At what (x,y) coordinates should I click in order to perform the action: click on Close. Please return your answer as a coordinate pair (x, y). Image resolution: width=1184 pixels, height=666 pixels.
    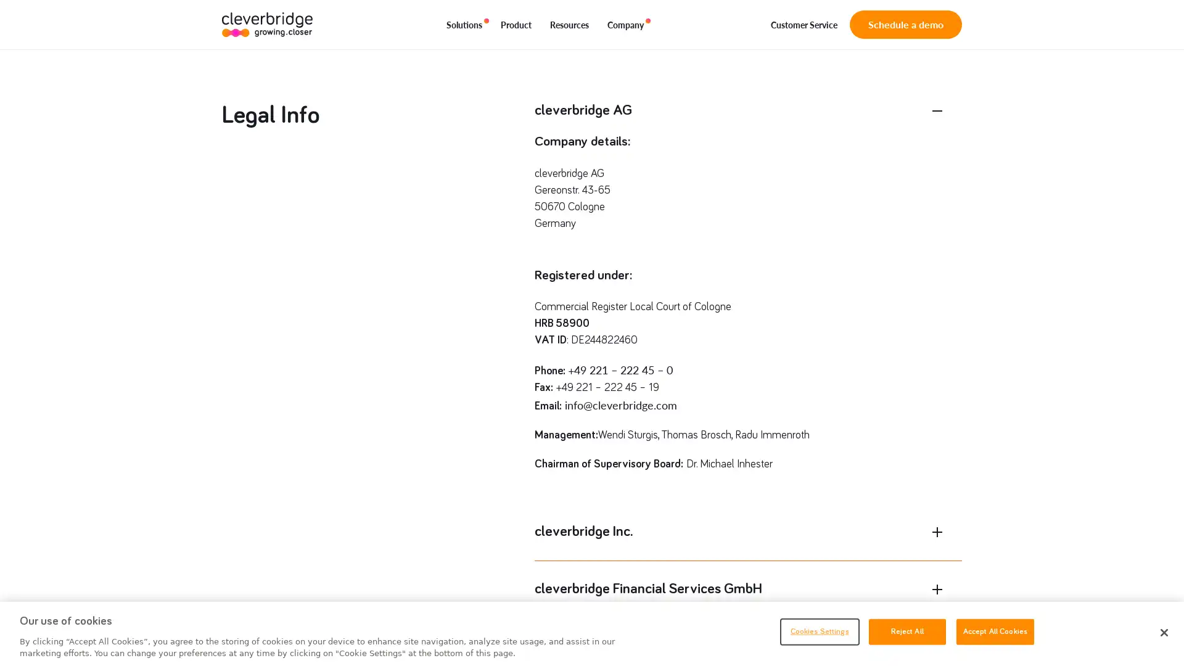
    Looking at the image, I should click on (1163, 633).